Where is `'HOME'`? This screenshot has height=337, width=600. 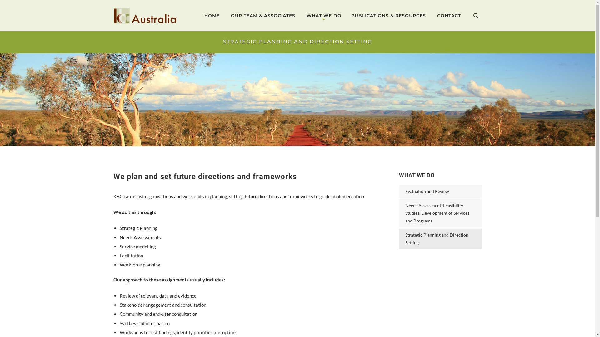 'HOME' is located at coordinates (212, 15).